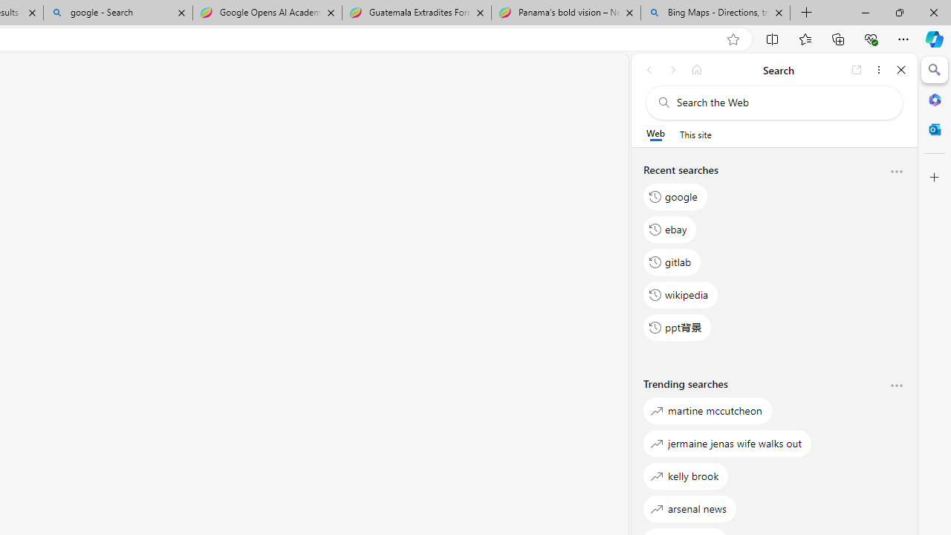  What do you see at coordinates (727, 442) in the screenshot?
I see `'jermaine jenas wife walks out'` at bounding box center [727, 442].